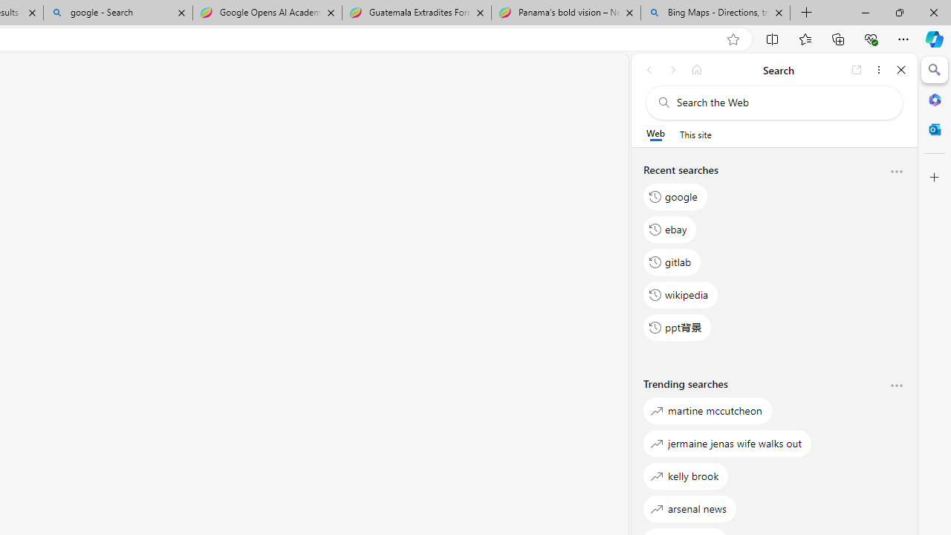  What do you see at coordinates (727, 442) in the screenshot?
I see `'jermaine jenas wife walks out'` at bounding box center [727, 442].